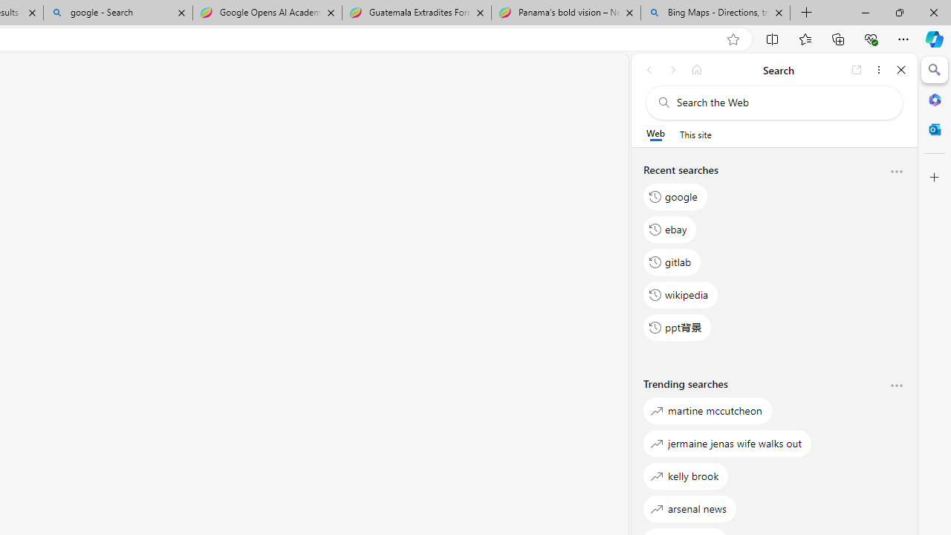  What do you see at coordinates (727, 442) in the screenshot?
I see `'jermaine jenas wife walks out'` at bounding box center [727, 442].